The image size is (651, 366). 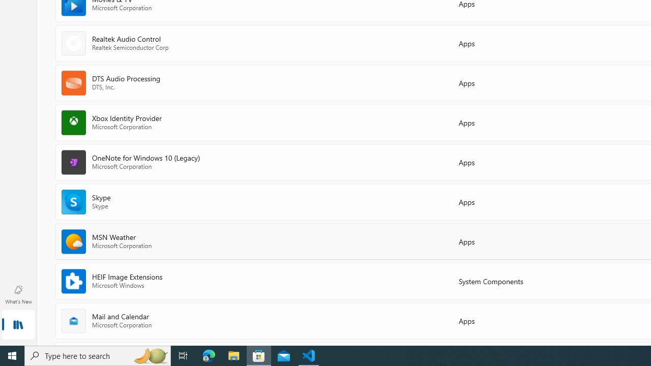 I want to click on 'What', so click(x=18, y=294).